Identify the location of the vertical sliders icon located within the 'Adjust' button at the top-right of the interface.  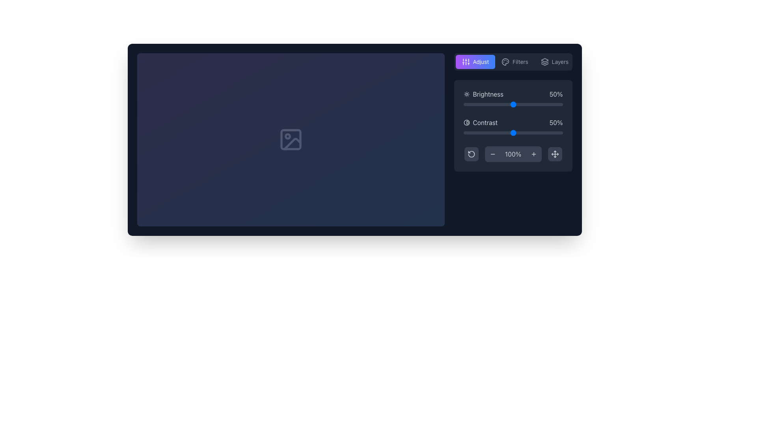
(466, 62).